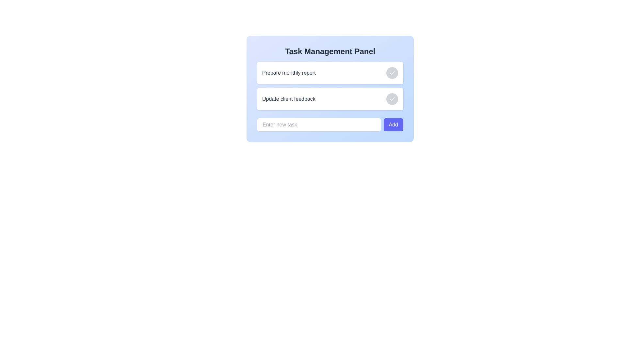 Image resolution: width=627 pixels, height=352 pixels. What do you see at coordinates (330, 85) in the screenshot?
I see `the task item labeled 'Update client feedback'` at bounding box center [330, 85].